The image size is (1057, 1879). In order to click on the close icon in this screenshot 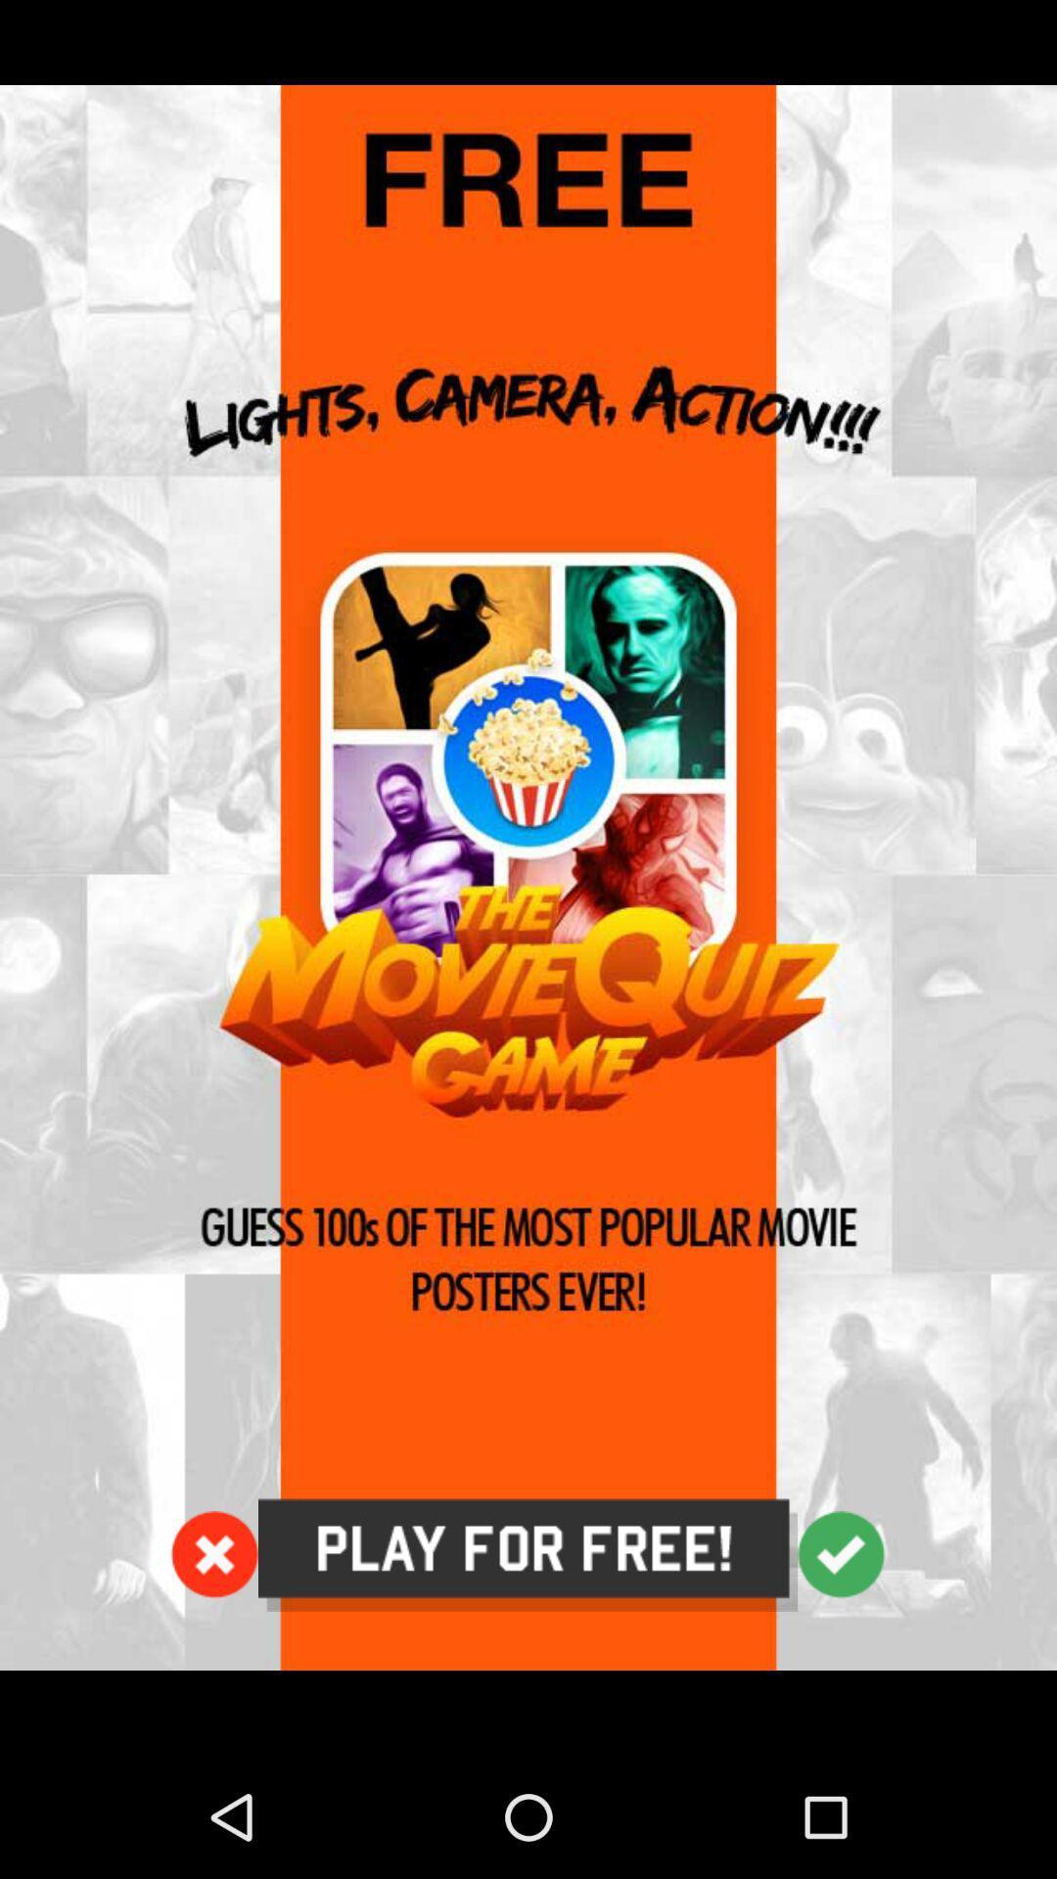, I will do `click(214, 1663)`.